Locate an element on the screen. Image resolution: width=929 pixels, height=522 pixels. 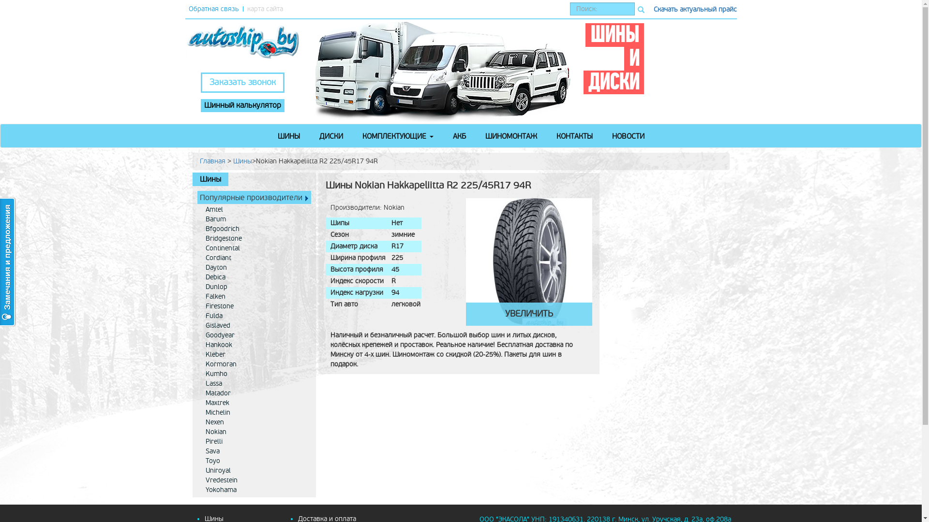
'Firestone' is located at coordinates (199, 306).